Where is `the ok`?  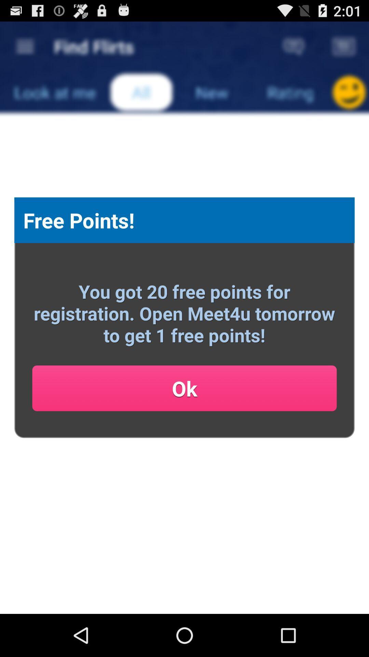 the ok is located at coordinates (184, 388).